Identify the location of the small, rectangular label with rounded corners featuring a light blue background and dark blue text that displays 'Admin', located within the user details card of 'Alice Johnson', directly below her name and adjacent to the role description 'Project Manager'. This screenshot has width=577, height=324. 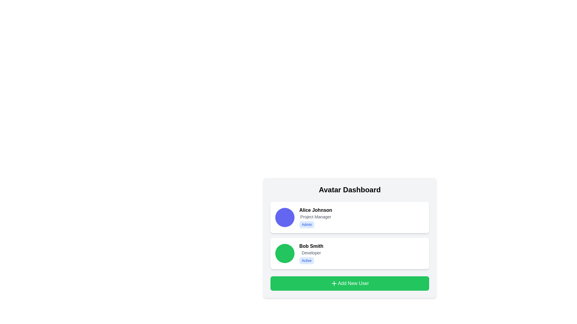
(307, 224).